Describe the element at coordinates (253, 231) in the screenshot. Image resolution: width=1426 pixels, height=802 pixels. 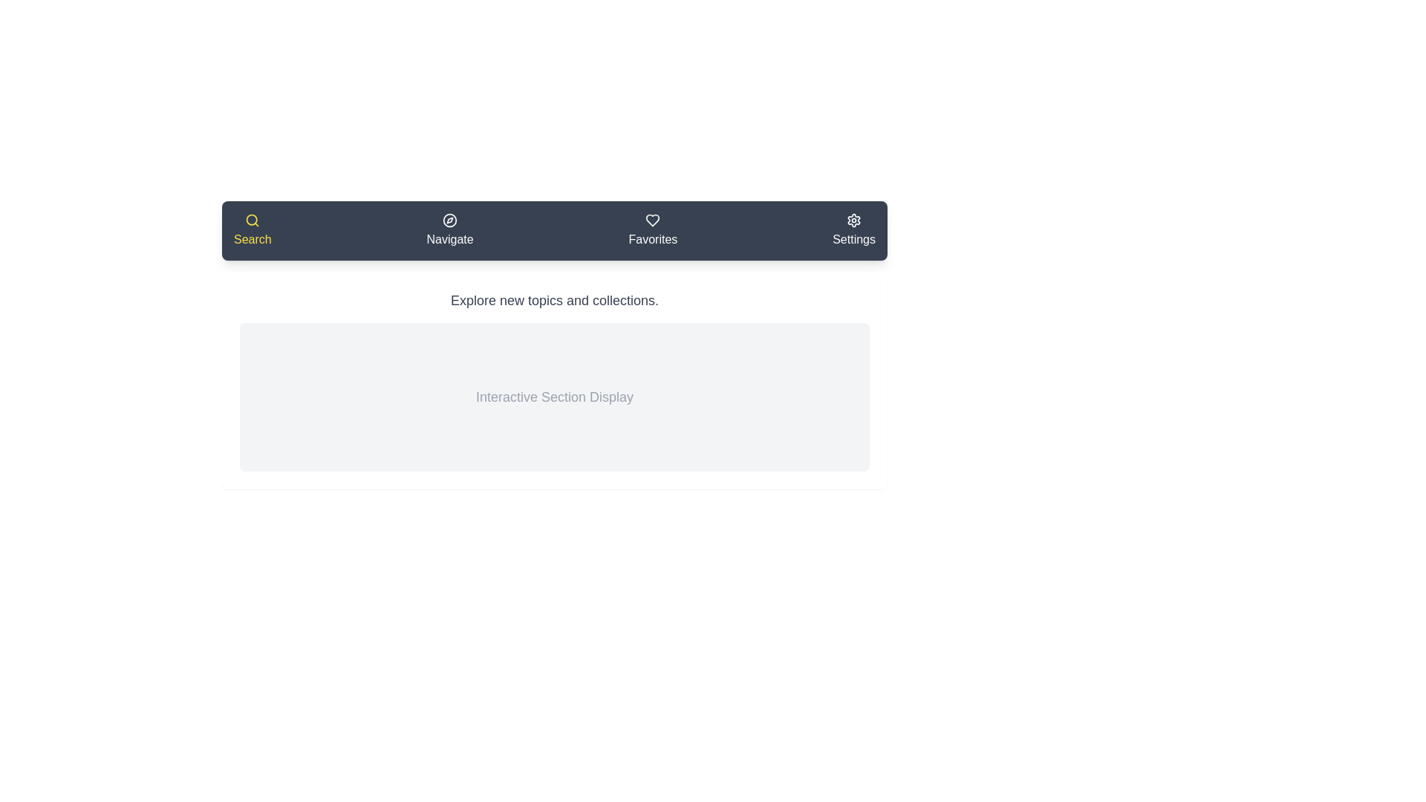
I see `the Search tab to switch to its section` at that location.